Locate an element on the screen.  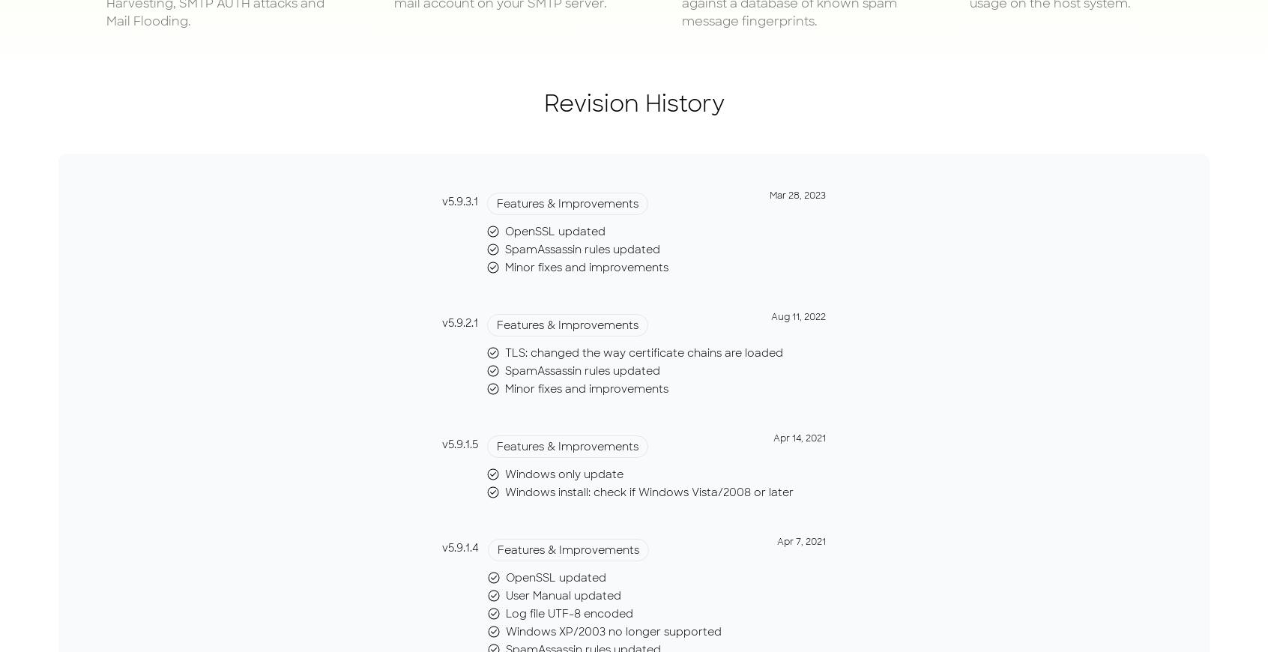
'Support' is located at coordinates (852, 88).